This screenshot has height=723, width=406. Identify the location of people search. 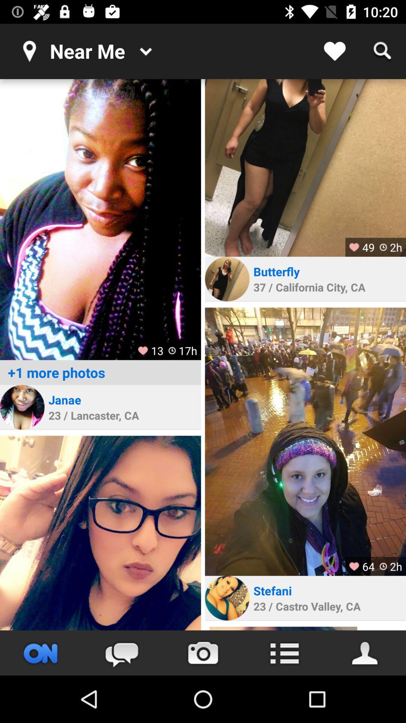
(365, 653).